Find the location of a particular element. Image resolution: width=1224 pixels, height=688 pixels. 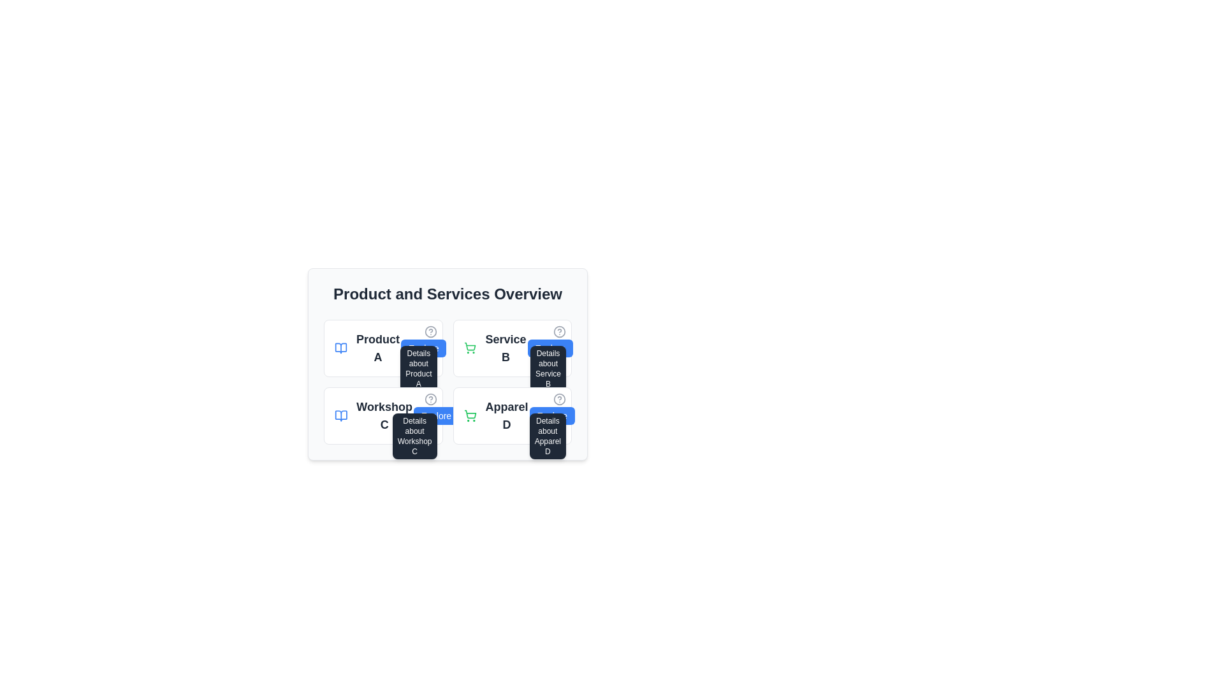

the interactive button located directly to the right of 'Product A' to change its color is located at coordinates (423, 348).